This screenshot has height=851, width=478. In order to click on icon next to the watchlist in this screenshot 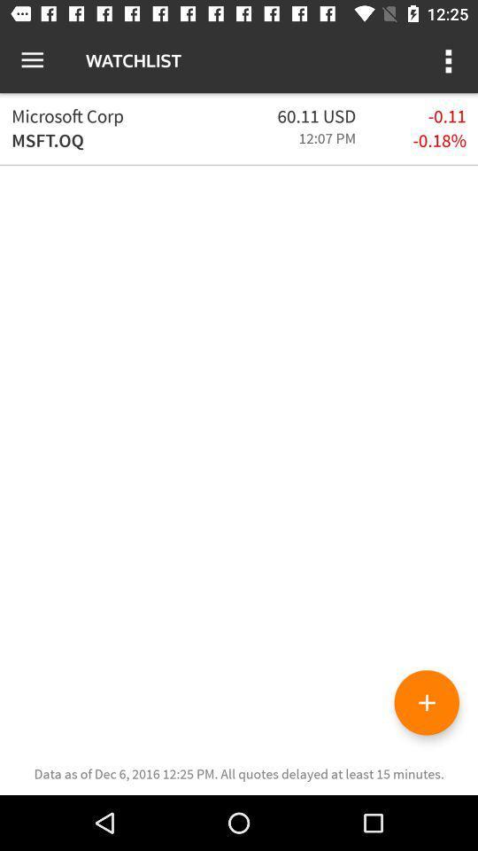, I will do `click(450, 60)`.